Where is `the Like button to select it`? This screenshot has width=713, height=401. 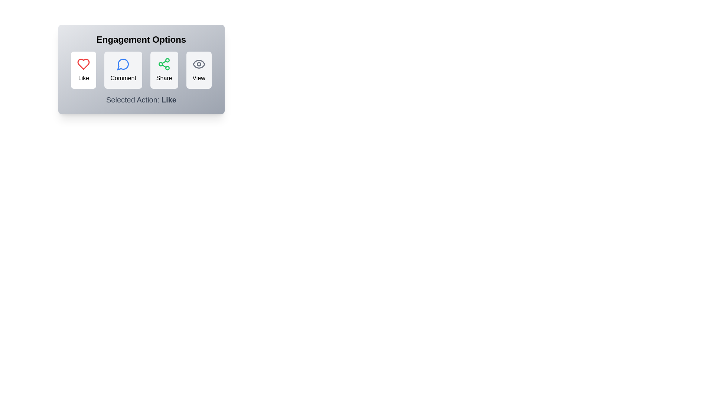 the Like button to select it is located at coordinates (84, 70).